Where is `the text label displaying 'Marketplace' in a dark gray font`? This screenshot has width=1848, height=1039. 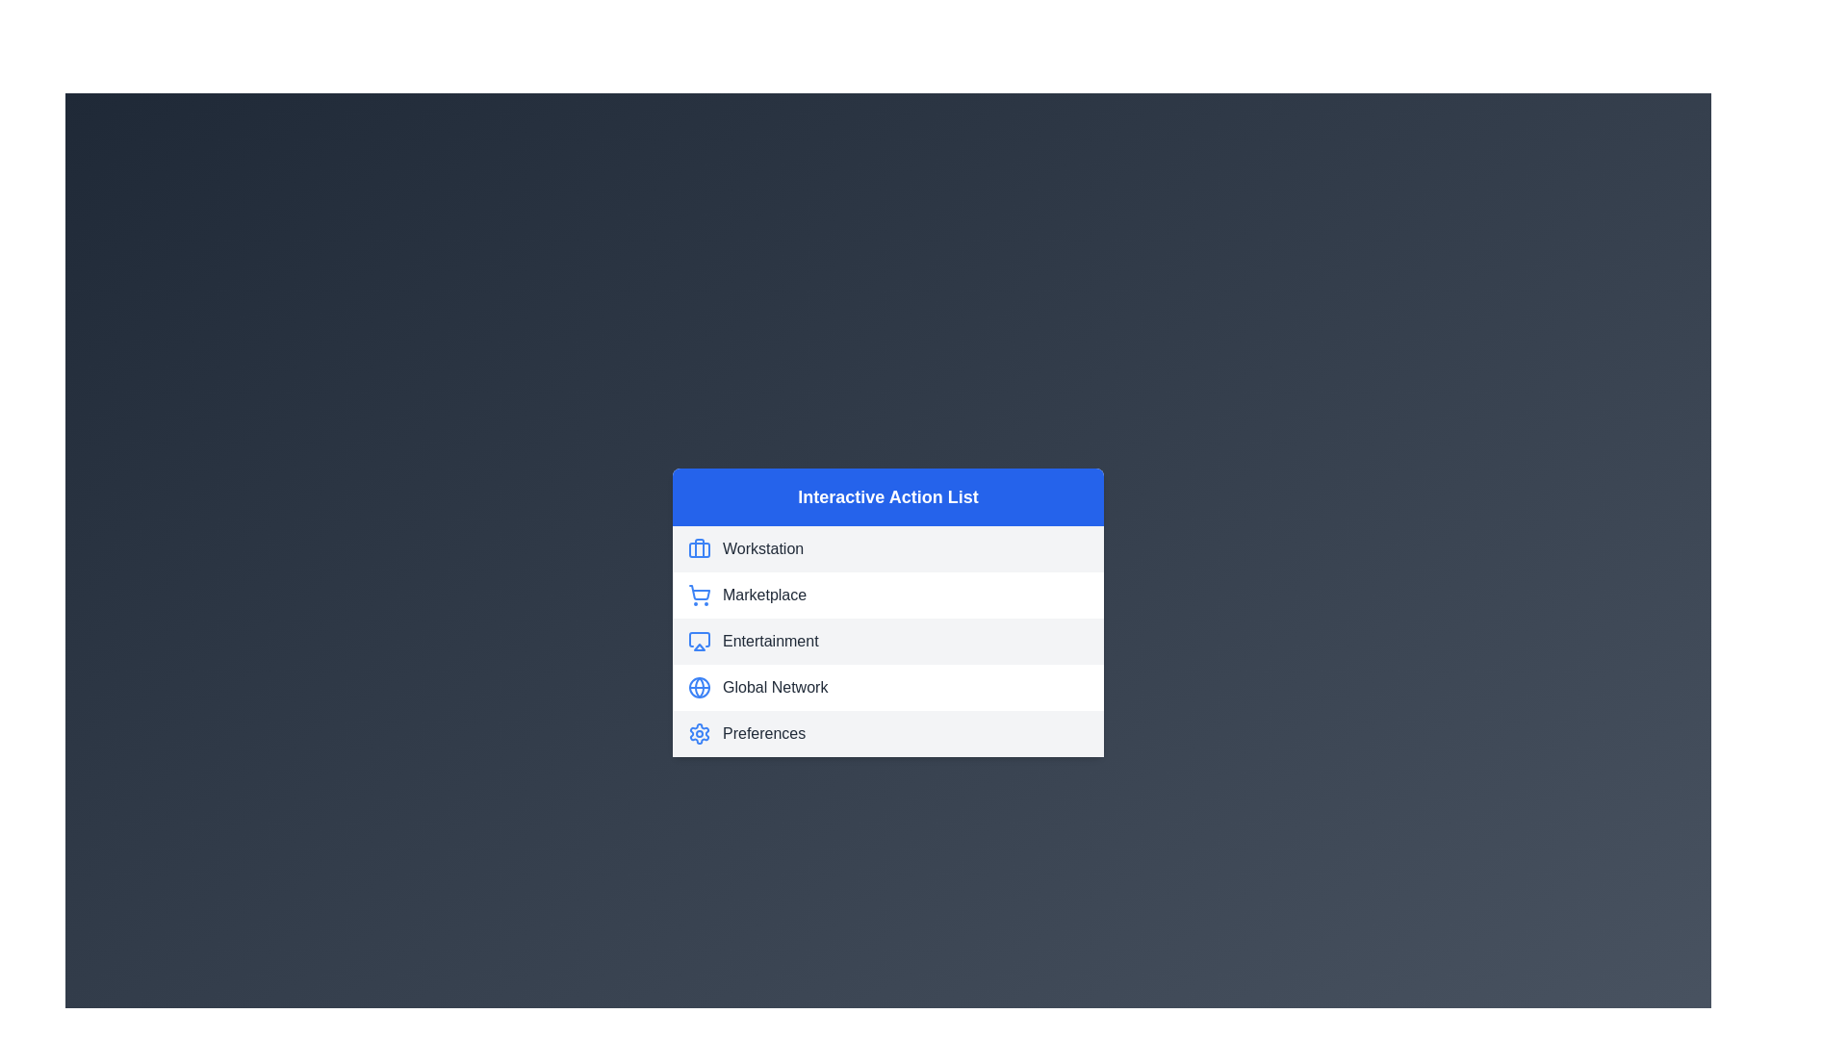 the text label displaying 'Marketplace' in a dark gray font is located at coordinates (763, 594).